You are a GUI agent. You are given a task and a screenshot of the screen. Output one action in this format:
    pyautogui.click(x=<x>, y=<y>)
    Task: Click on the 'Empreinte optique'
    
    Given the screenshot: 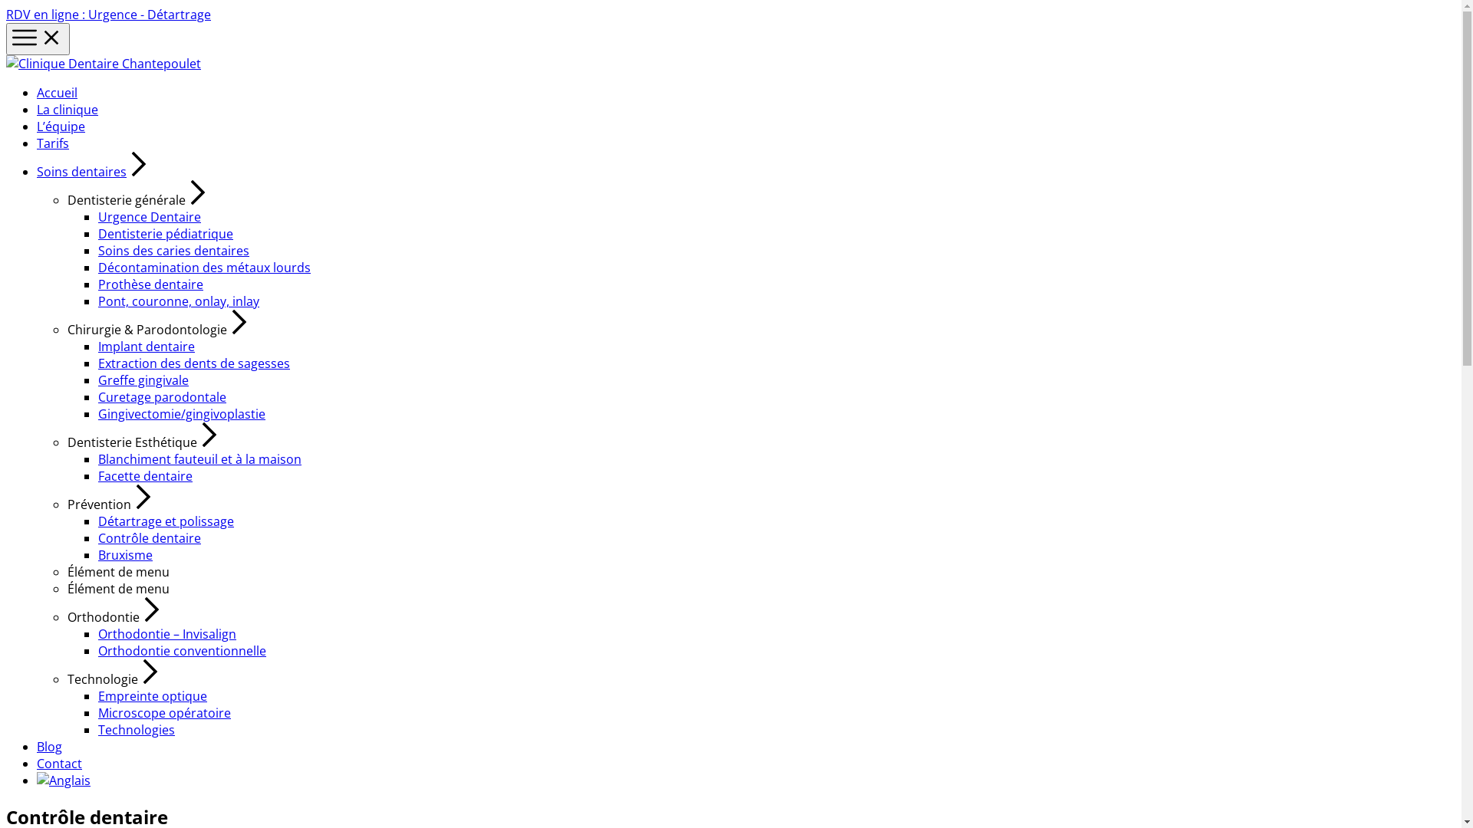 What is the action you would take?
    pyautogui.click(x=152, y=695)
    